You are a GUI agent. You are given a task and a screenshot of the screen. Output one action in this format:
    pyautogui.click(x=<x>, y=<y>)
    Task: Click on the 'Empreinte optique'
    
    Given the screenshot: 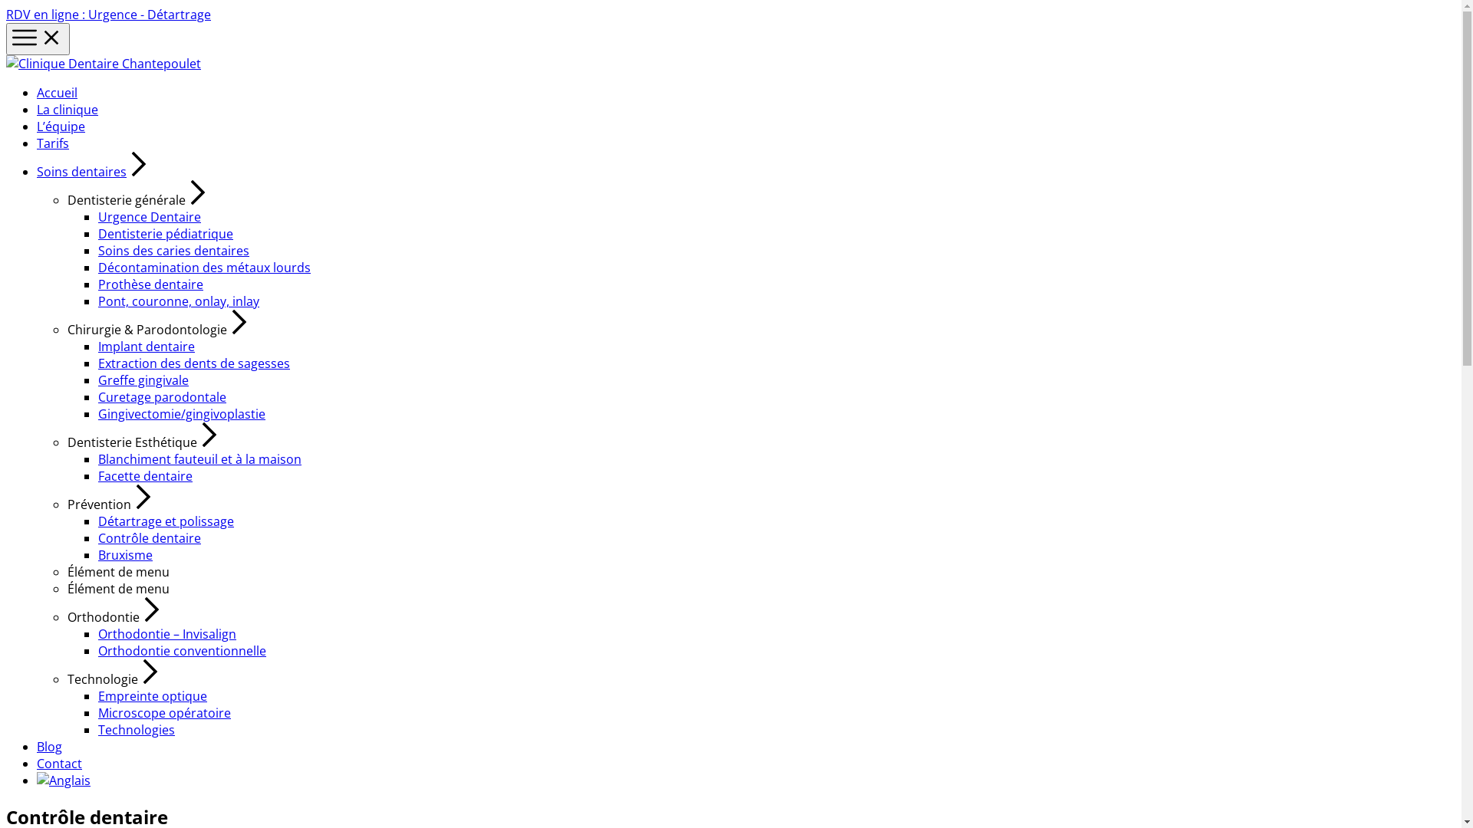 What is the action you would take?
    pyautogui.click(x=152, y=695)
    